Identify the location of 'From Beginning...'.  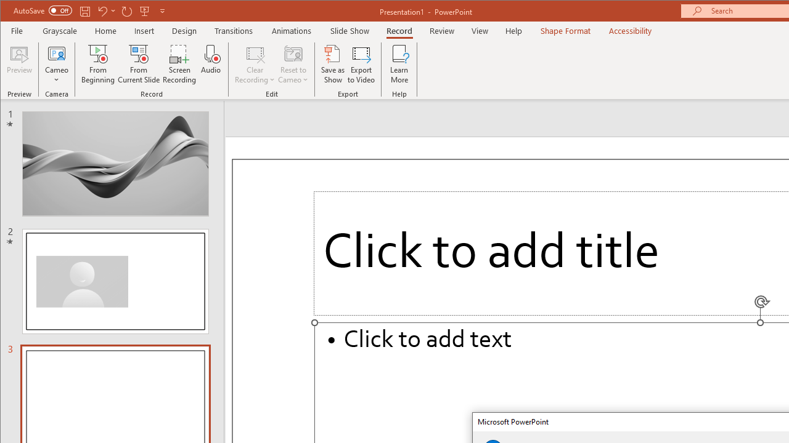
(99, 64).